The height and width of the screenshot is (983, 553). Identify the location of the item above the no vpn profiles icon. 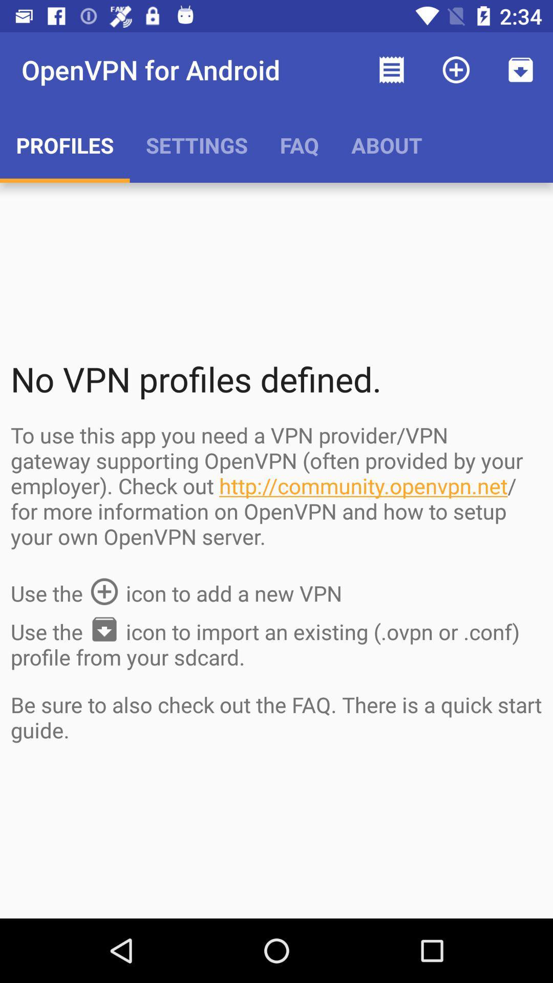
(387, 144).